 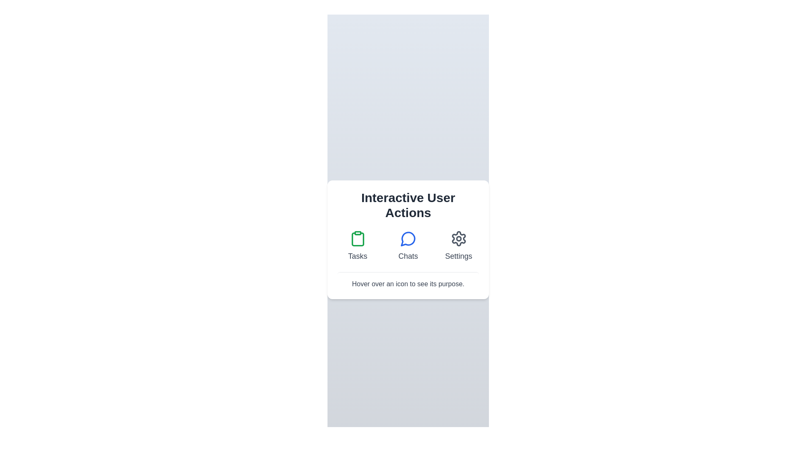 I want to click on the cog icon, which is the third icon in a horizontal alignment under the 'Interactive User Actions' heading, so click(x=458, y=238).